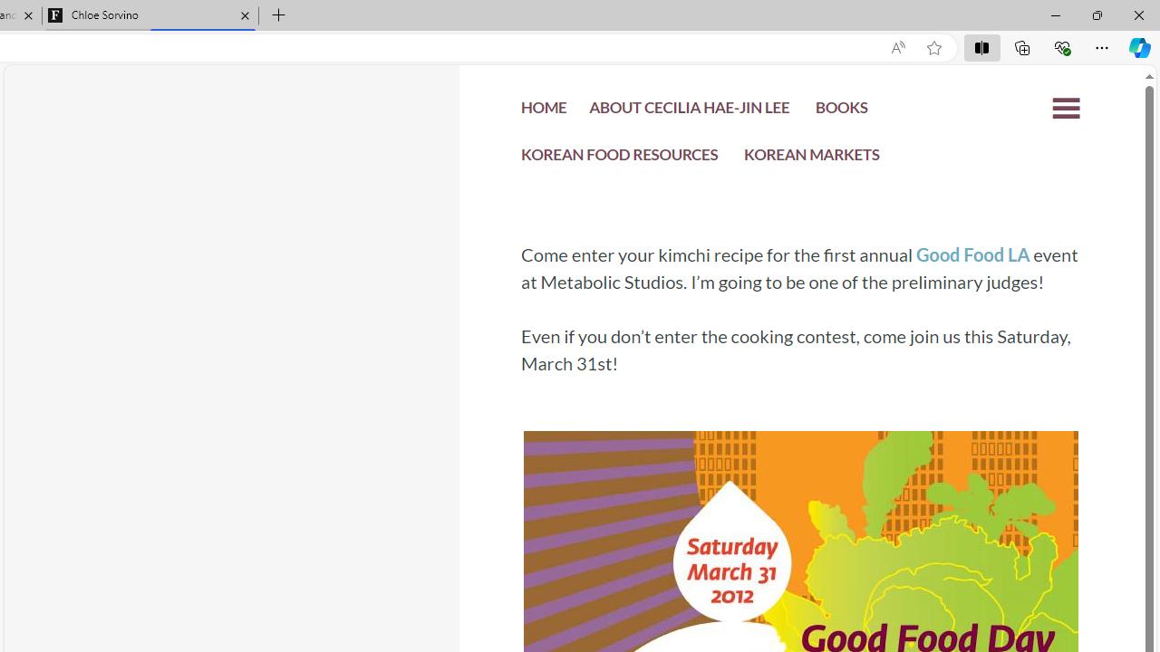  What do you see at coordinates (1055, 14) in the screenshot?
I see `'Minimize'` at bounding box center [1055, 14].